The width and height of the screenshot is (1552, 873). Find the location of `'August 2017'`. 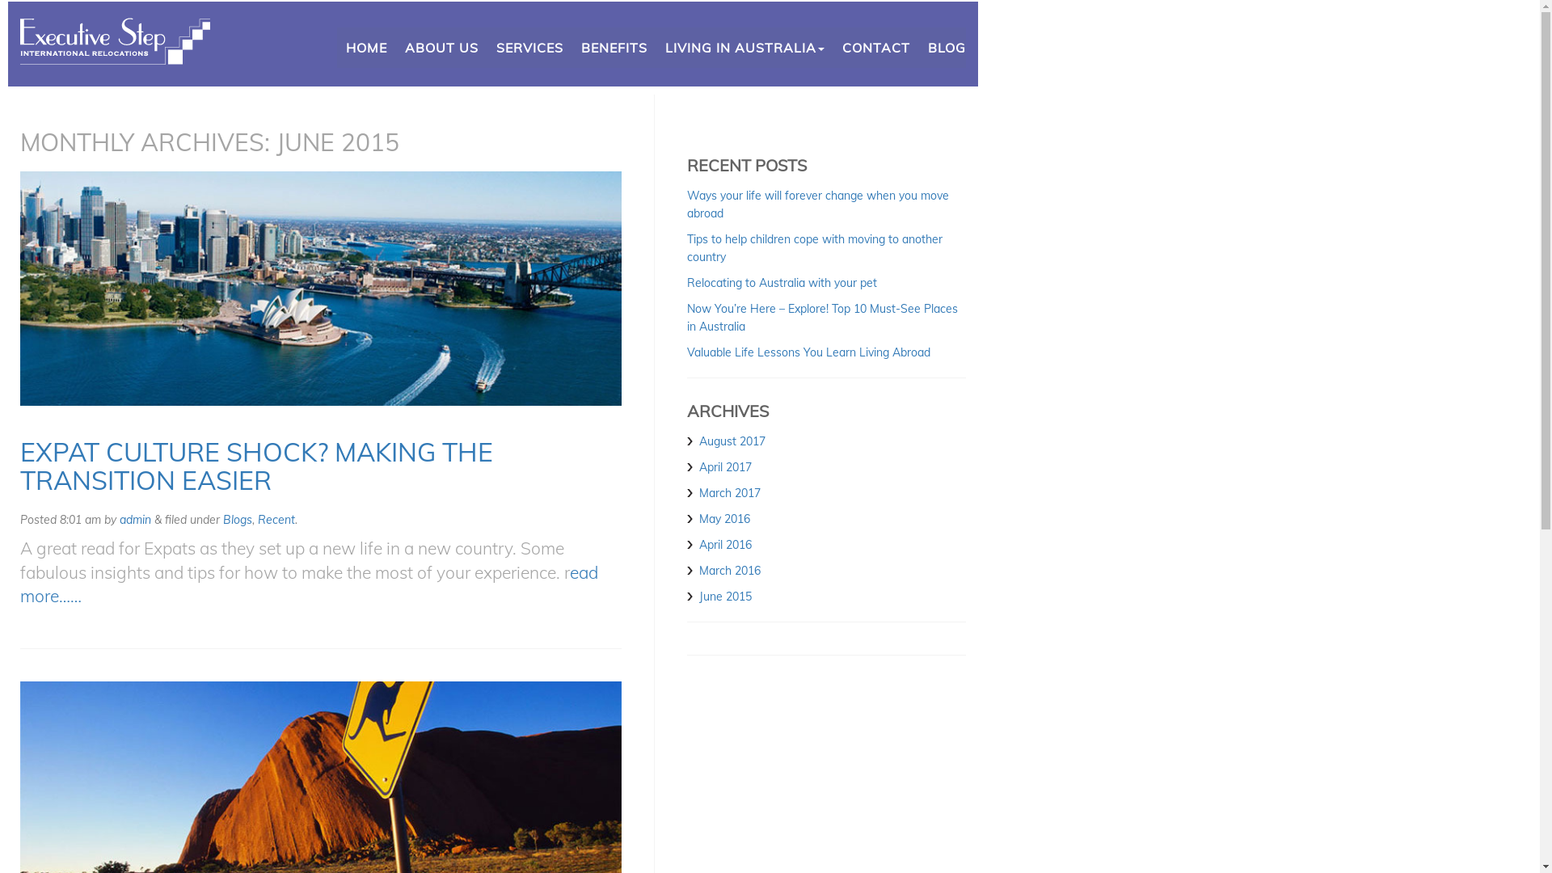

'August 2017' is located at coordinates (732, 441).